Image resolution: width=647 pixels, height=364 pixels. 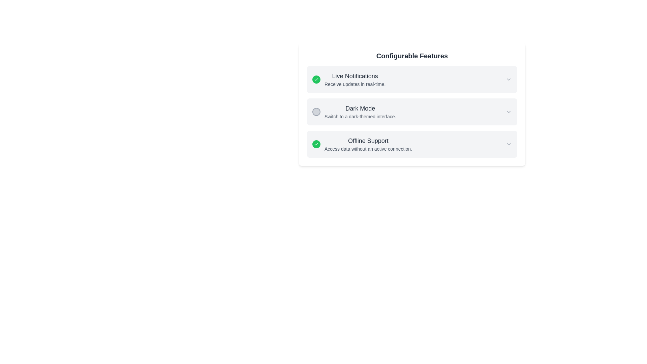 I want to click on the radio button for the Dark Mode configuration option, which is the second selectable option under 'Configurable Features', so click(x=412, y=111).